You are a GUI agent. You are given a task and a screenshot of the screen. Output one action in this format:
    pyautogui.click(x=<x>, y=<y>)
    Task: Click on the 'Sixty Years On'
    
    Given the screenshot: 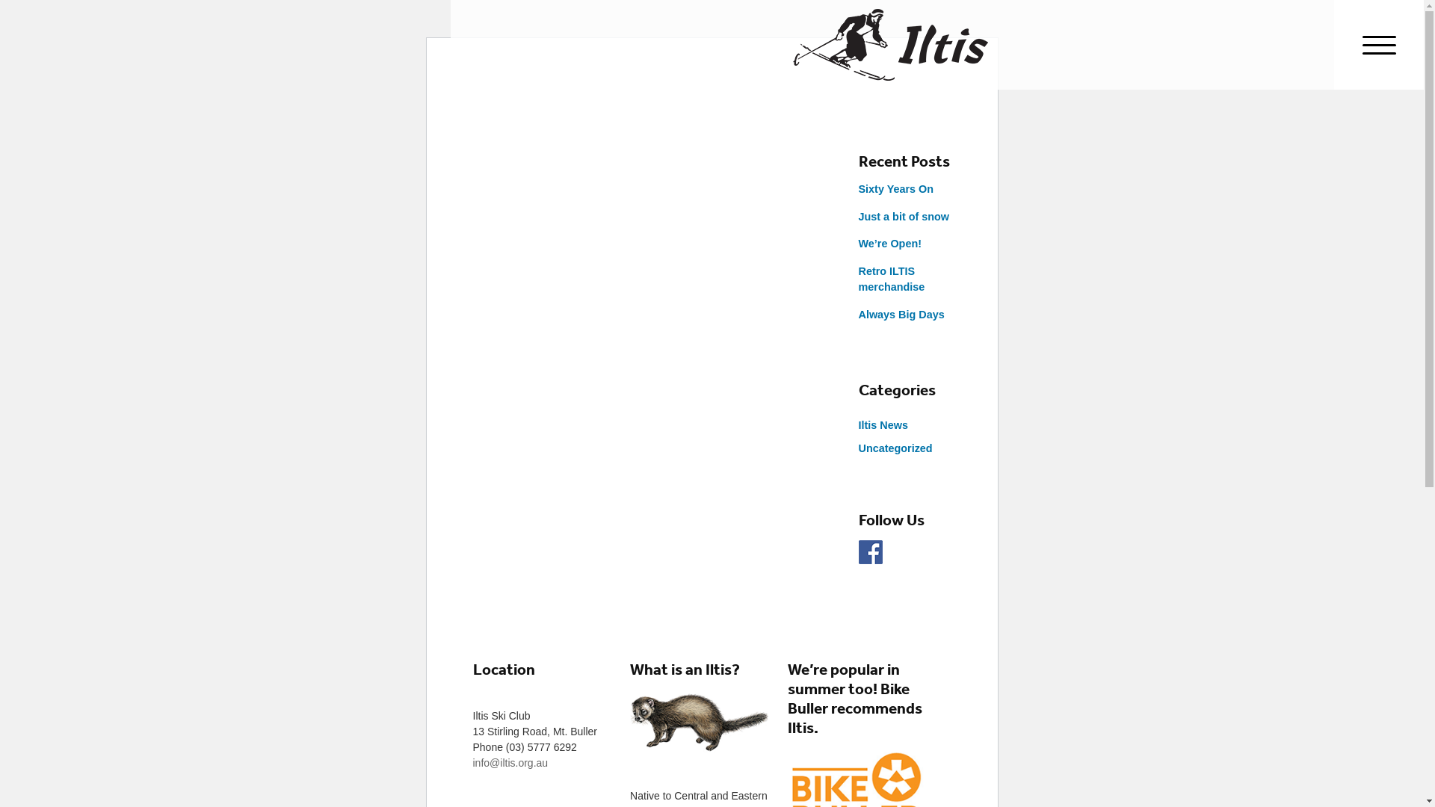 What is the action you would take?
    pyautogui.click(x=857, y=188)
    